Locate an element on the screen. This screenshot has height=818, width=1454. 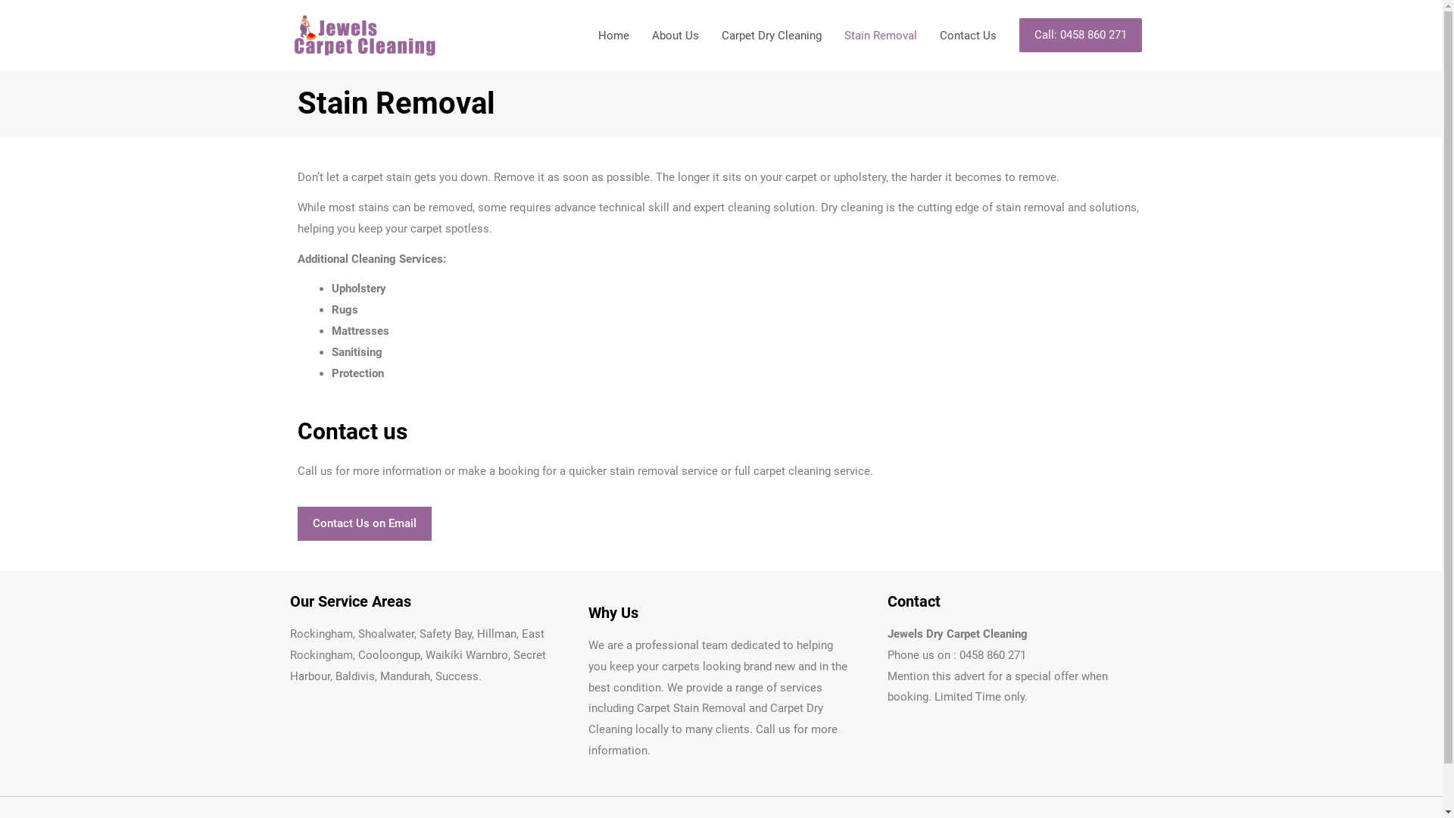
'Call: 0458 860 271' is located at coordinates (1019, 34).